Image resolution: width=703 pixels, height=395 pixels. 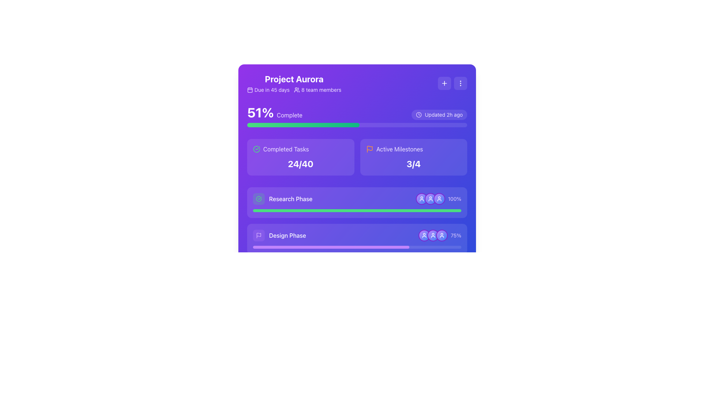 I want to click on the text indicating the number of team members associated with the project, located to the right of the group icon in the header section near 'Project Aurora', so click(x=321, y=90).